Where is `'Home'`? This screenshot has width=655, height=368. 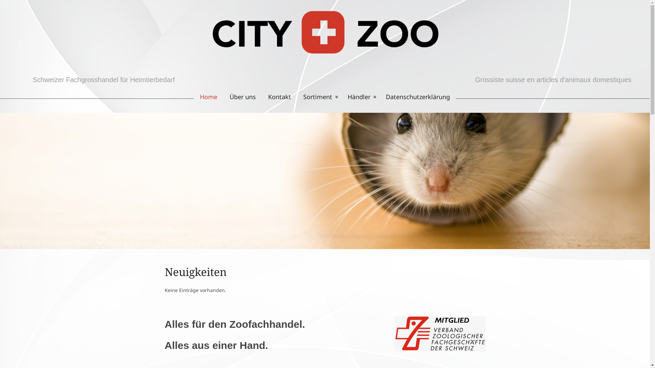 'Home' is located at coordinates (205, 97).